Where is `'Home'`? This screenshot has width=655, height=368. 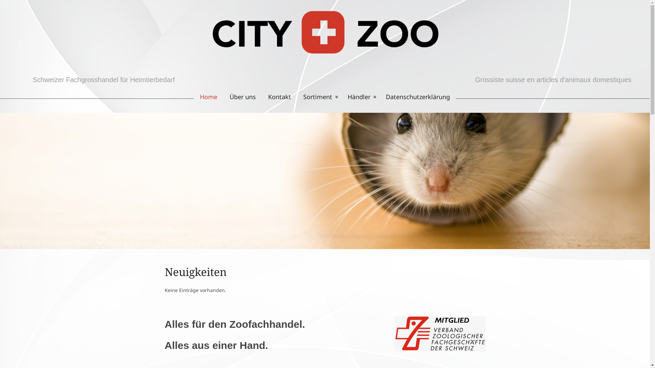 'Home' is located at coordinates (205, 97).